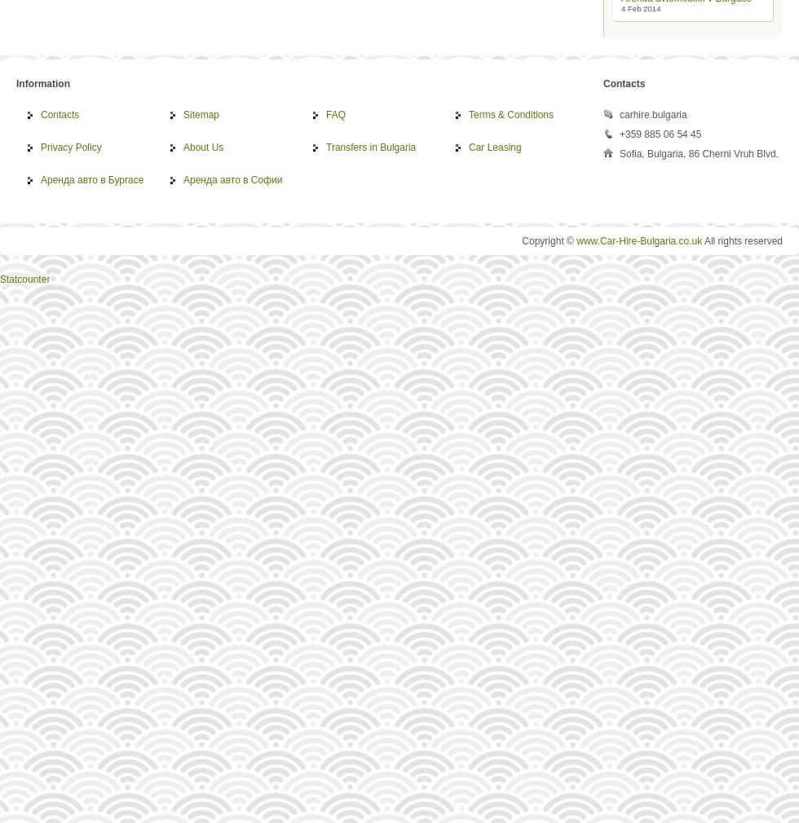  Describe the element at coordinates (549, 241) in the screenshot. I see `'Copyright ©'` at that location.